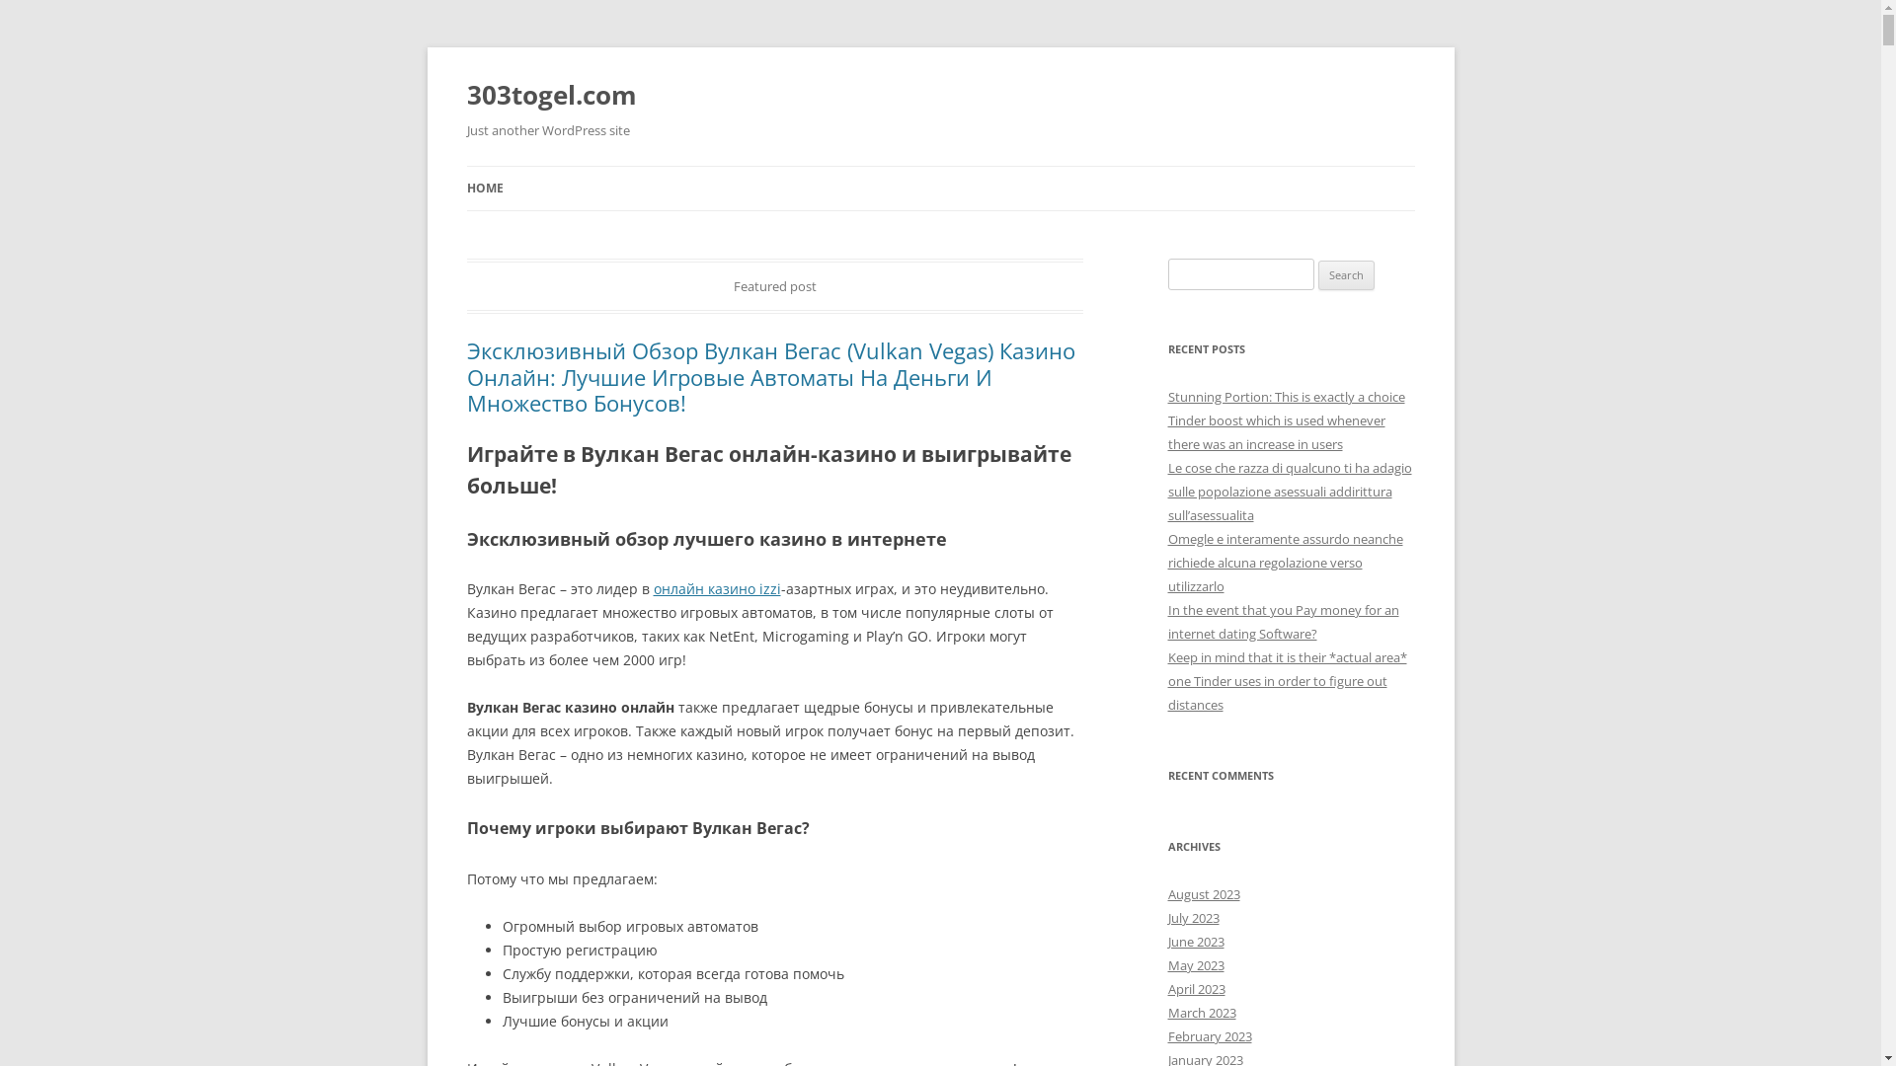 This screenshot has height=1066, width=1896. I want to click on 'July 2023', so click(1166, 917).